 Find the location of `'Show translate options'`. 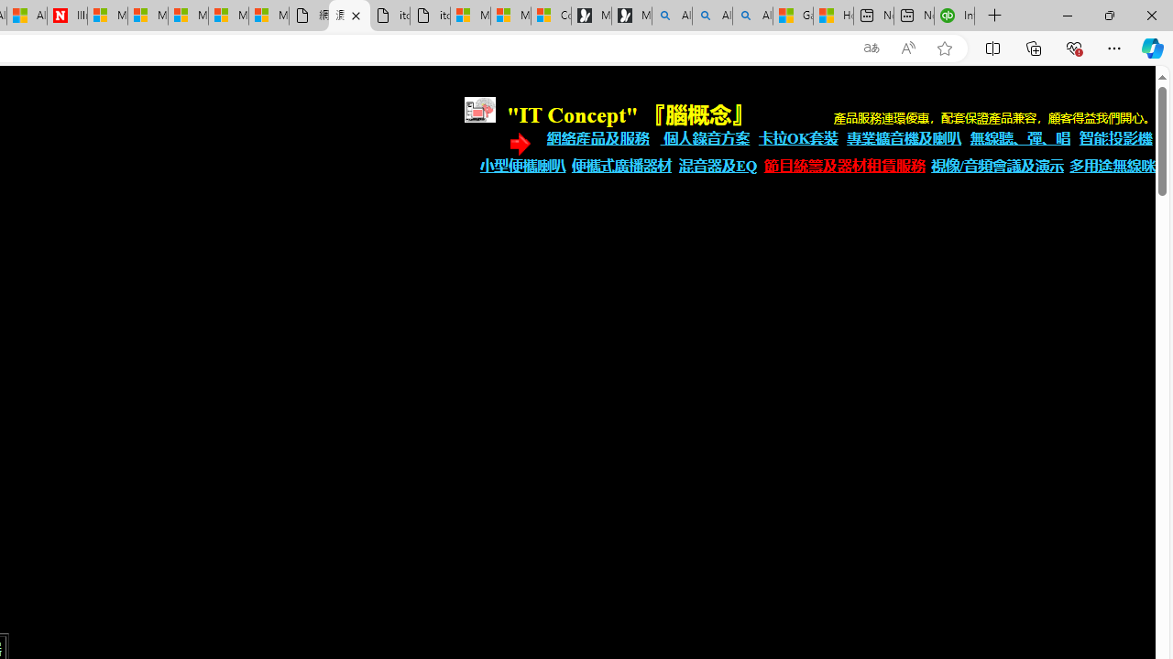

'Show translate options' is located at coordinates (871, 48).